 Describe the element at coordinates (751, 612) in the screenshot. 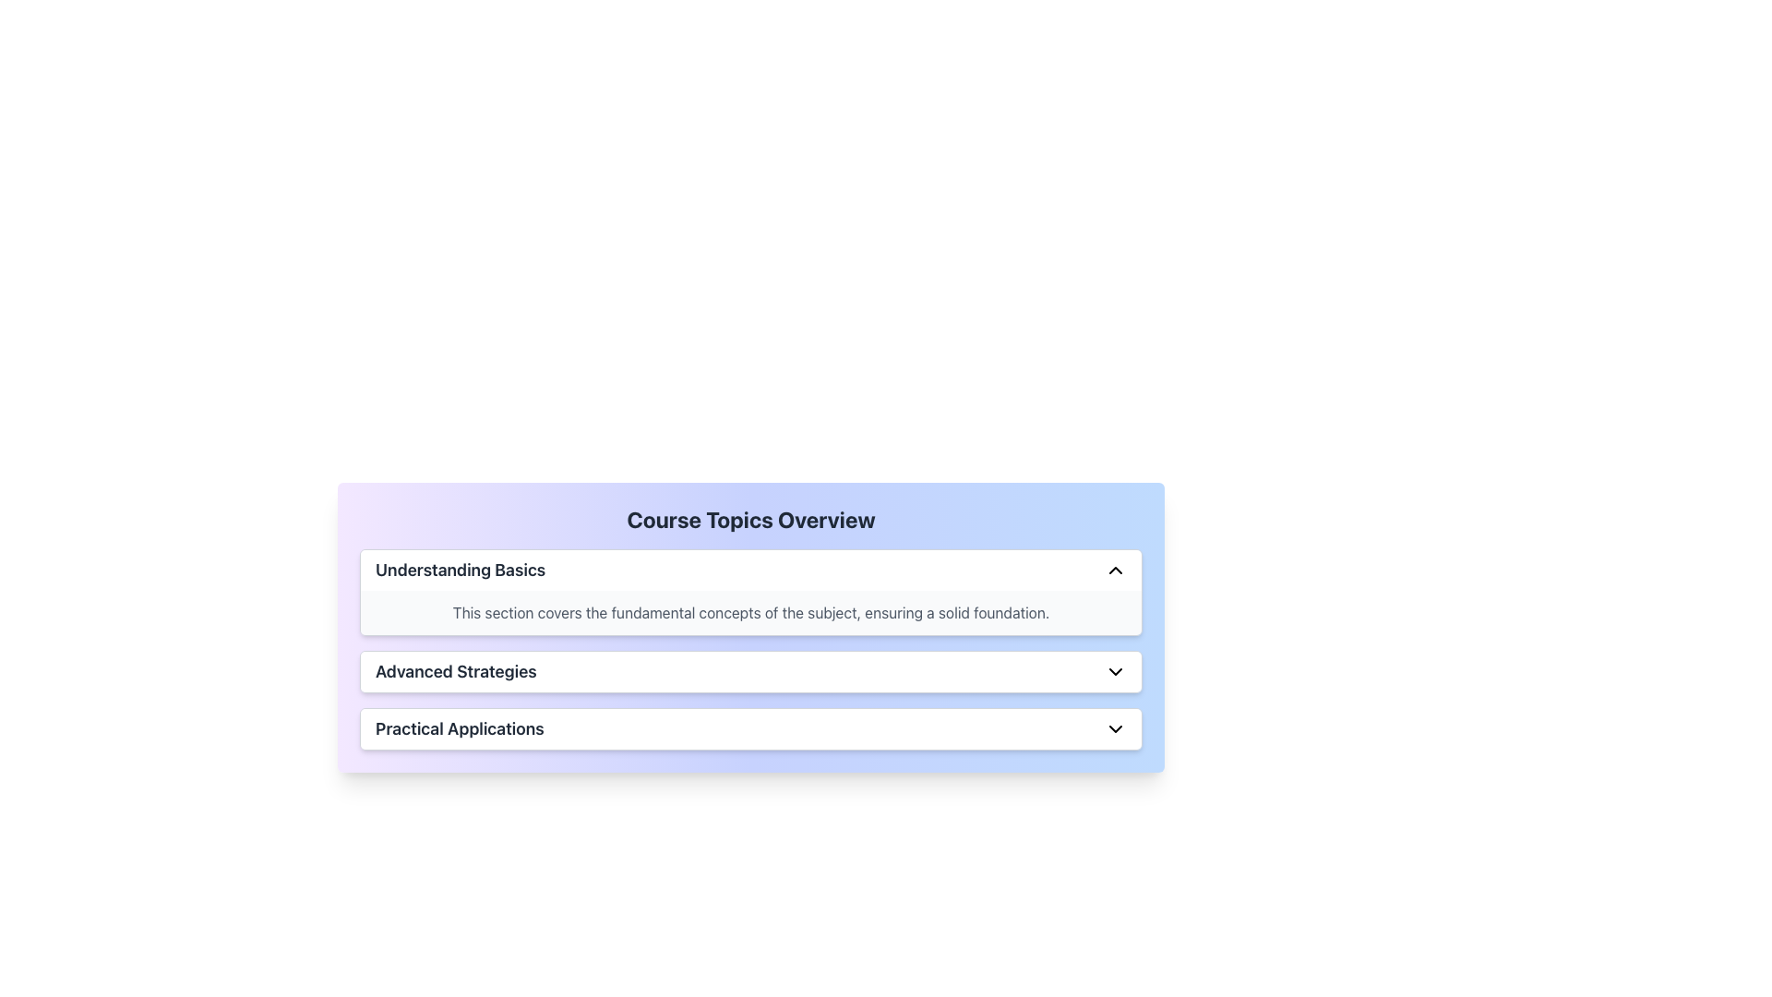

I see `the static text displaying 'This section covers the fundamental concepts of the subject, ensuring a solid foundation.' located beneath the 'Understanding Basics' heading` at that location.